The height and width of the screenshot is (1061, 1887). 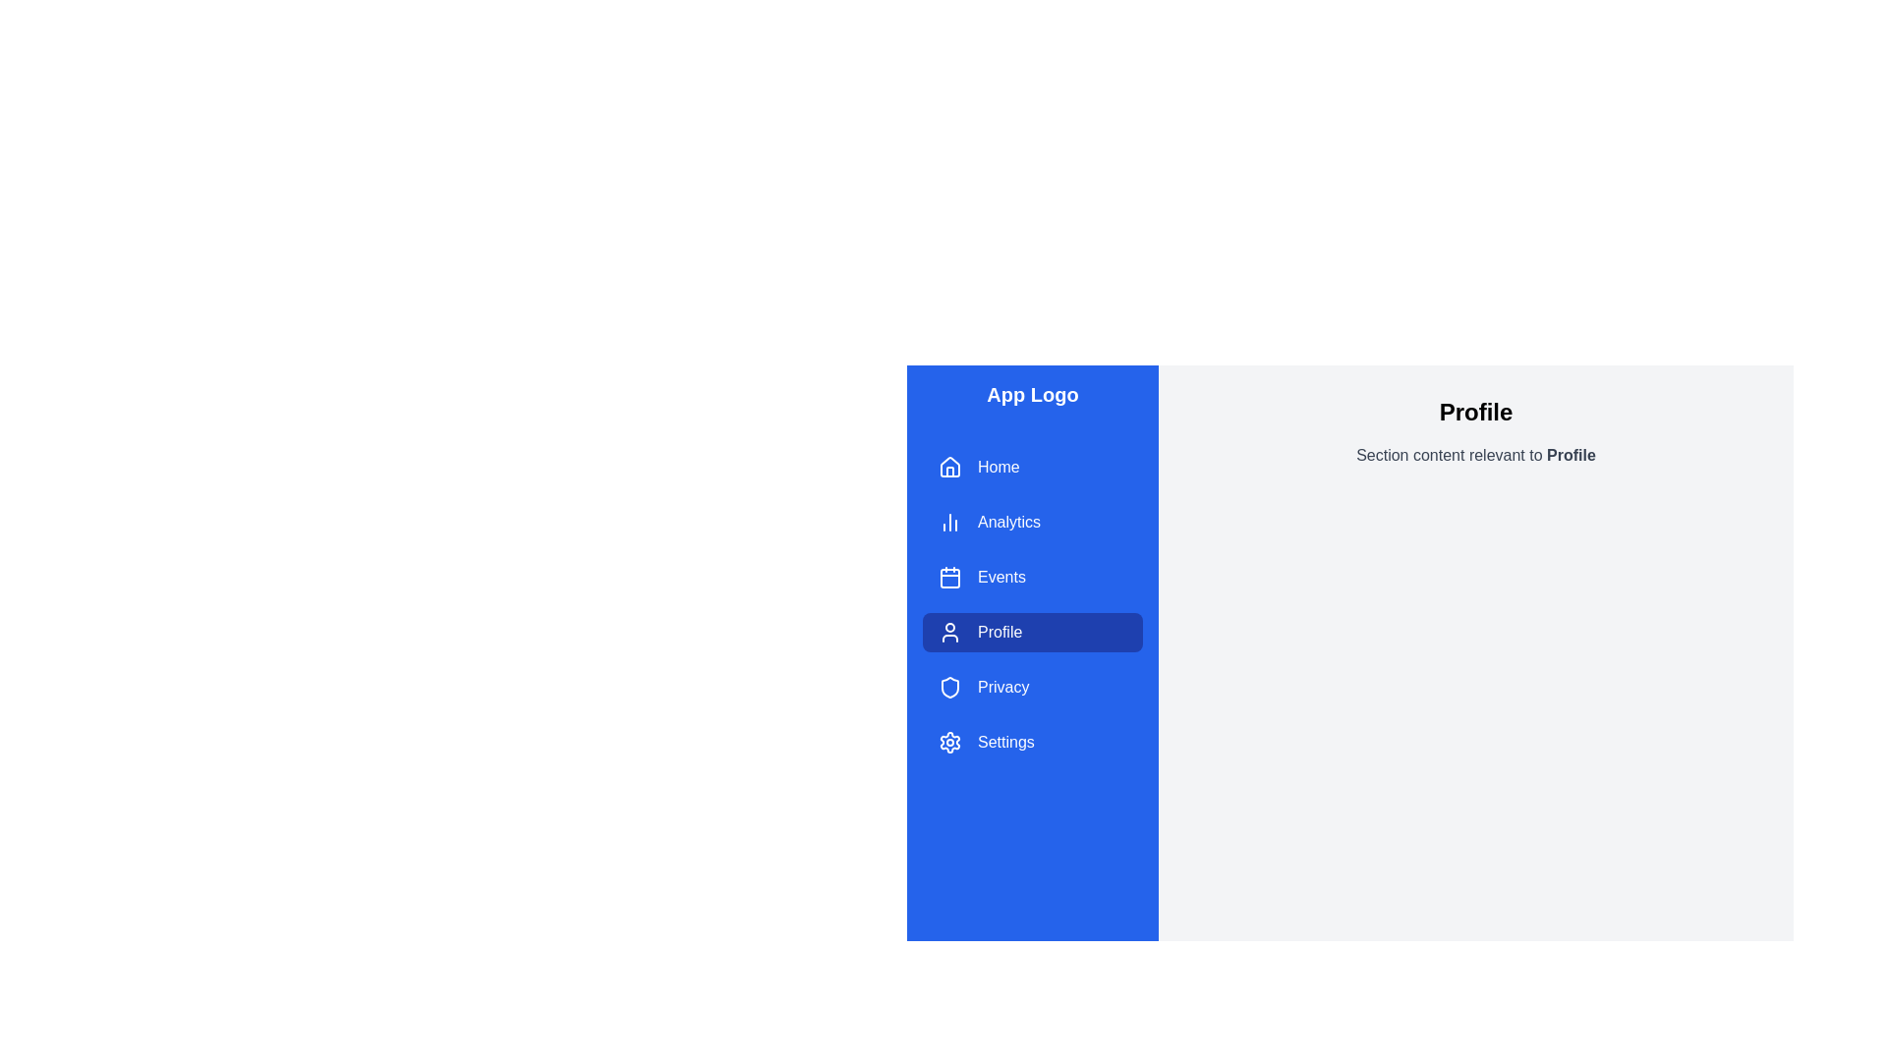 What do you see at coordinates (1032, 394) in the screenshot?
I see `the 'App Logo' static text component located at the top of the left sidebar navigation panel` at bounding box center [1032, 394].